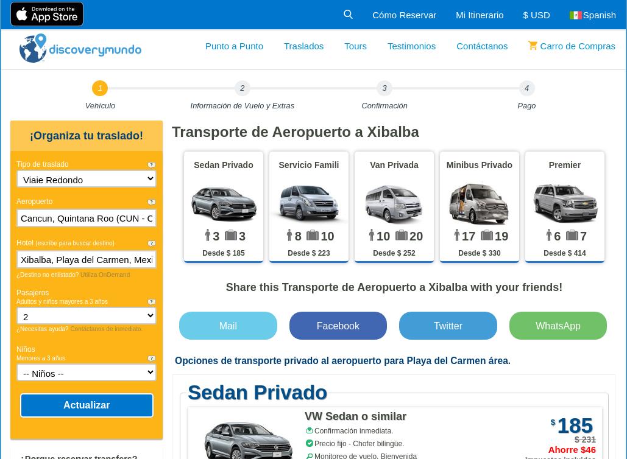 The height and width of the screenshot is (459, 627). Describe the element at coordinates (416, 236) in the screenshot. I see `'20'` at that location.